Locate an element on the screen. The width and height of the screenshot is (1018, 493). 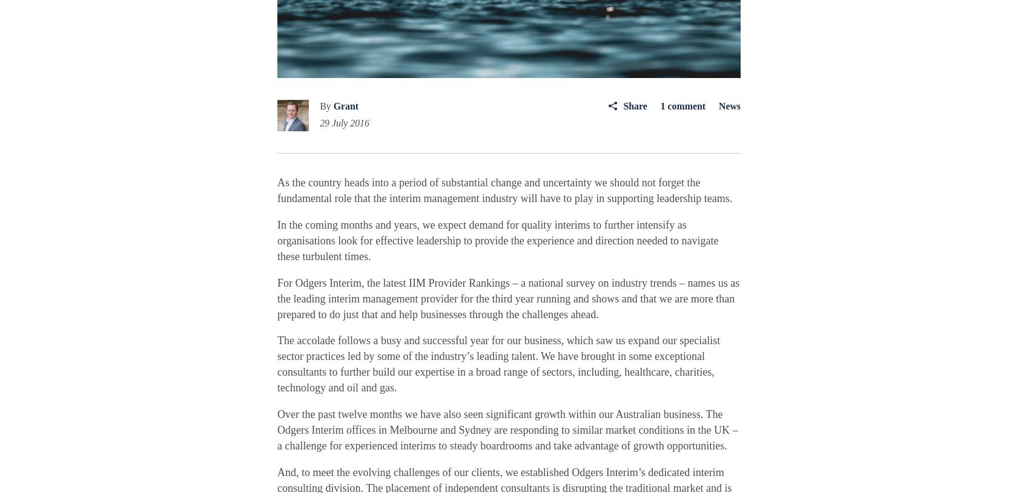
'In the coming months and years, we expect demand for quality interims to further intensify as organisations look for effective leadership to provide the experience and direction needed to navigate these turbulent times.' is located at coordinates (497, 239).